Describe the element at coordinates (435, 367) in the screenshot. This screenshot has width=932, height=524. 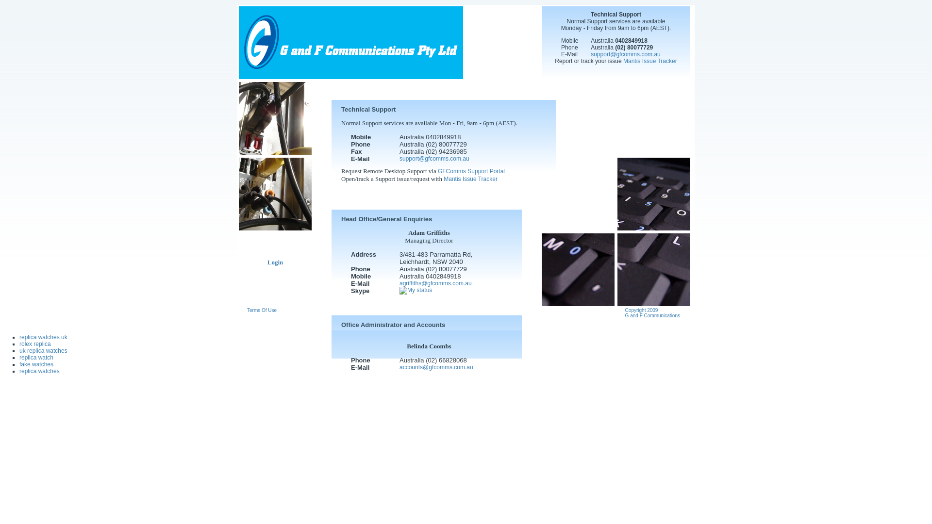
I see `'accounts@gfcomms.com.au'` at that location.